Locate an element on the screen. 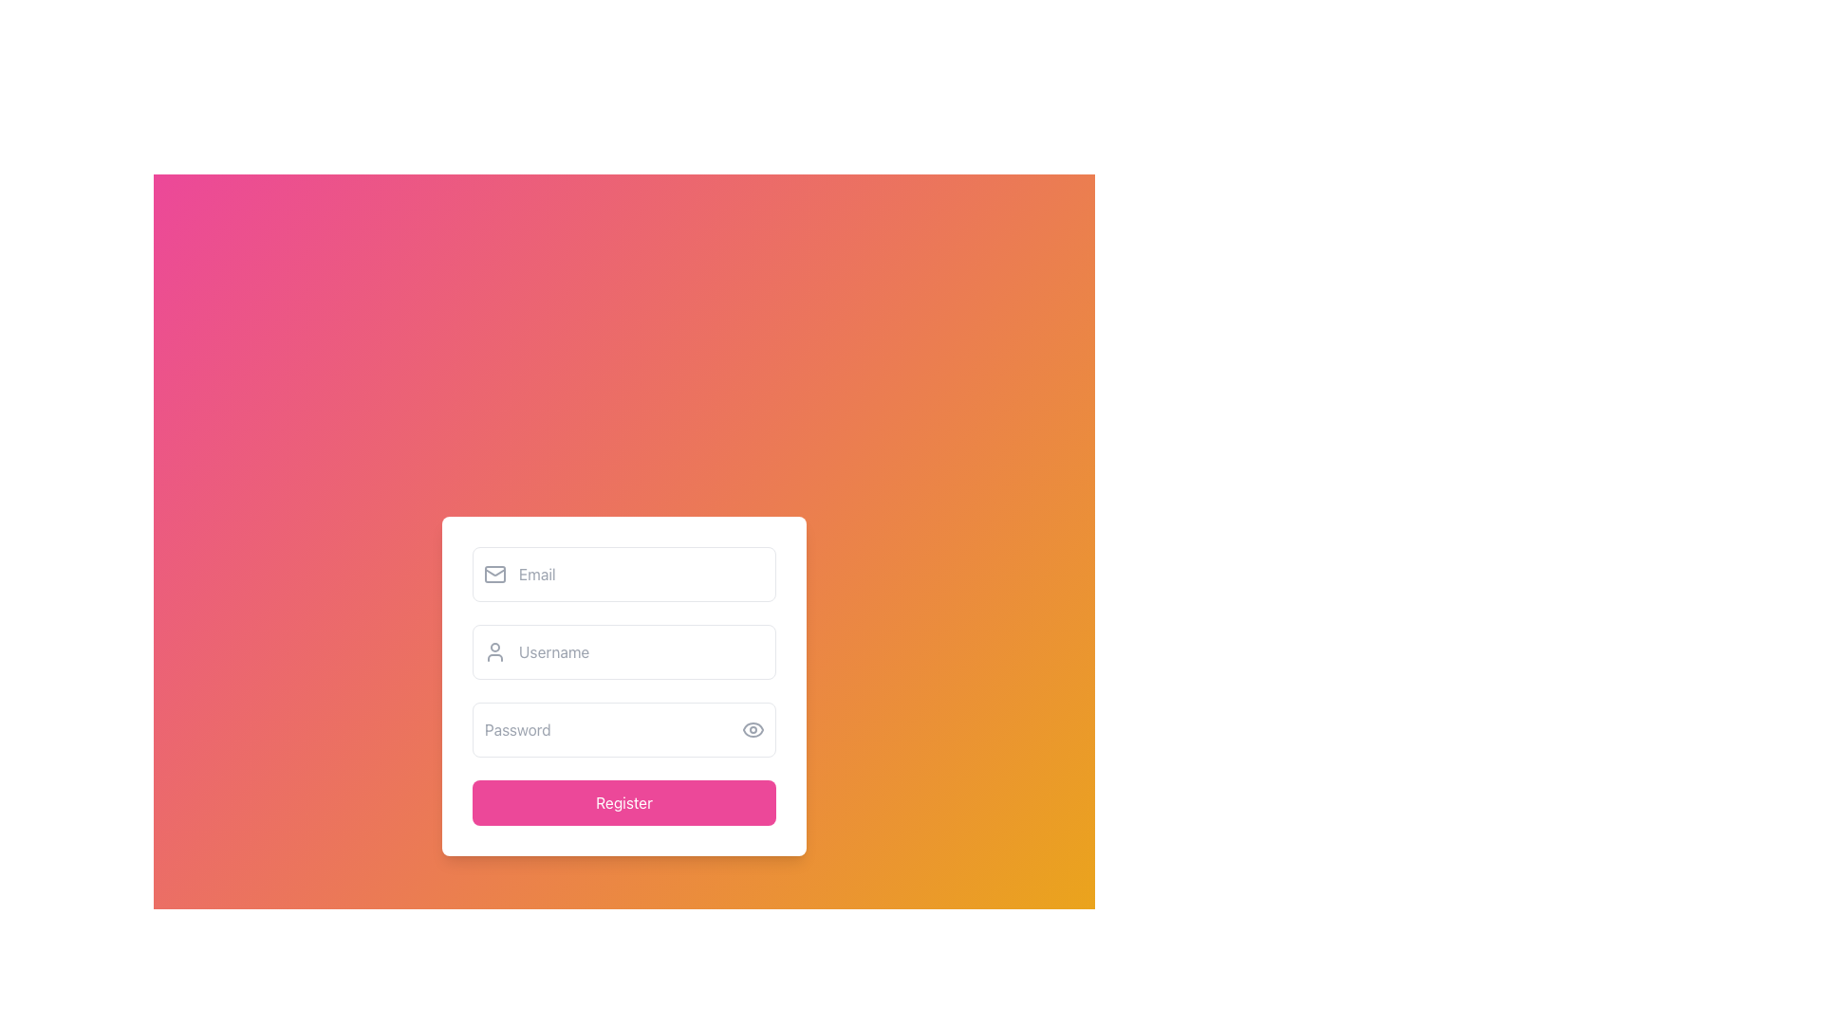 The width and height of the screenshot is (1822, 1024). the mail icon within the 'Email' form field, which serves as a decorative or functional part of the email indication is located at coordinates (495, 573).